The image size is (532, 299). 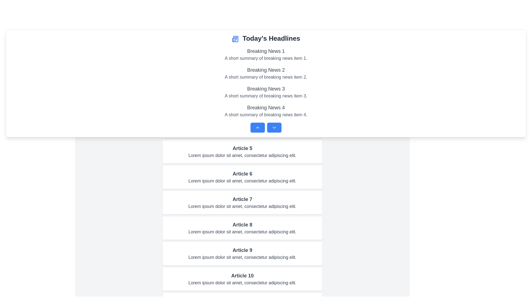 What do you see at coordinates (266, 108) in the screenshot?
I see `the 'Breaking News 4' text header` at bounding box center [266, 108].